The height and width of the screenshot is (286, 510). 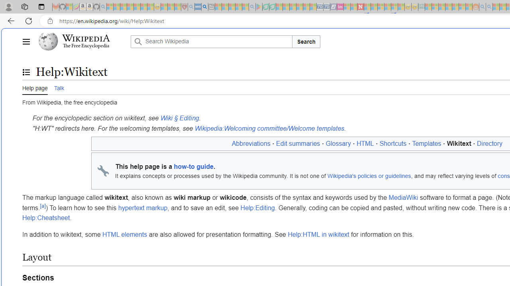 What do you see at coordinates (428, 7) in the screenshot?
I see `'MSNBC - MSN - Sleeping'` at bounding box center [428, 7].